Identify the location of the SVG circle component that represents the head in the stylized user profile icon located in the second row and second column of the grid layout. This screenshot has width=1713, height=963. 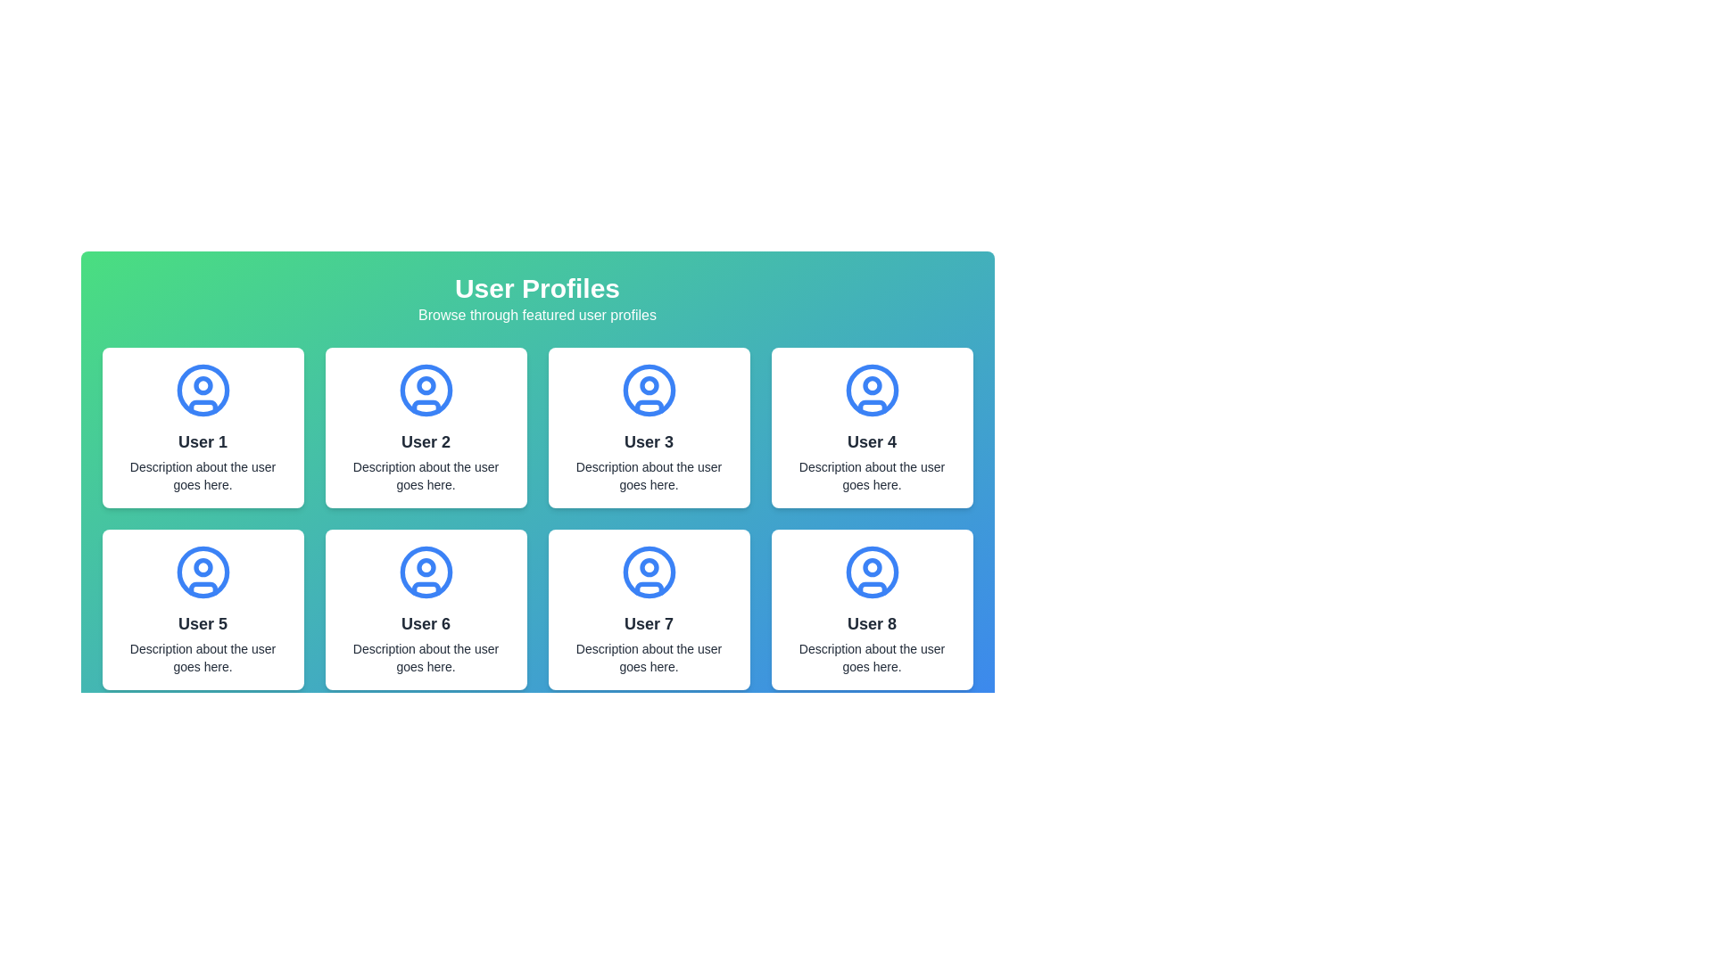
(425, 572).